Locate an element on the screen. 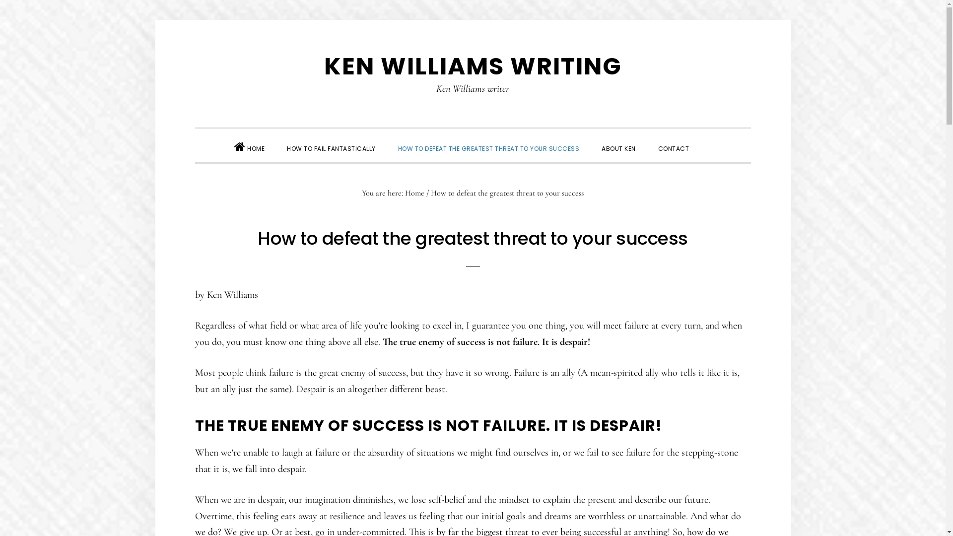 The width and height of the screenshot is (953, 536). 'SHOW SEARCH' is located at coordinates (711, 139).